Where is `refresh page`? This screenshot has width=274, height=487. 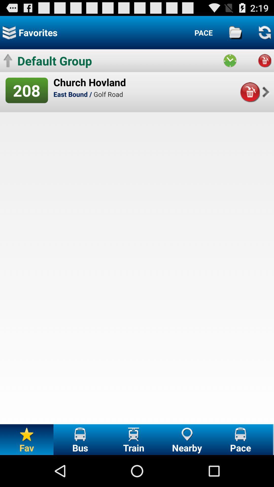
refresh page is located at coordinates (264, 32).